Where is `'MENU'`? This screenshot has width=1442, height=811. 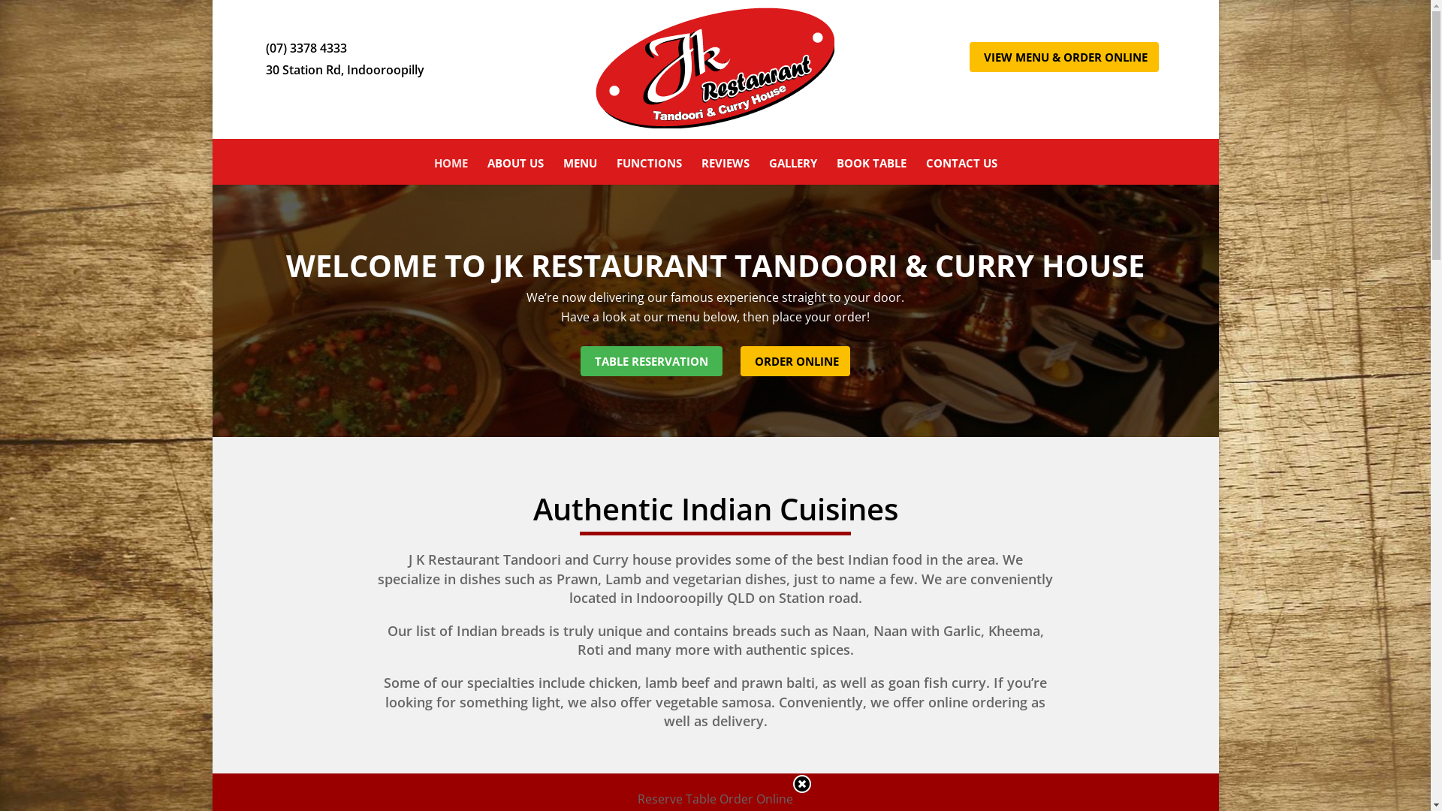 'MENU' is located at coordinates (579, 170).